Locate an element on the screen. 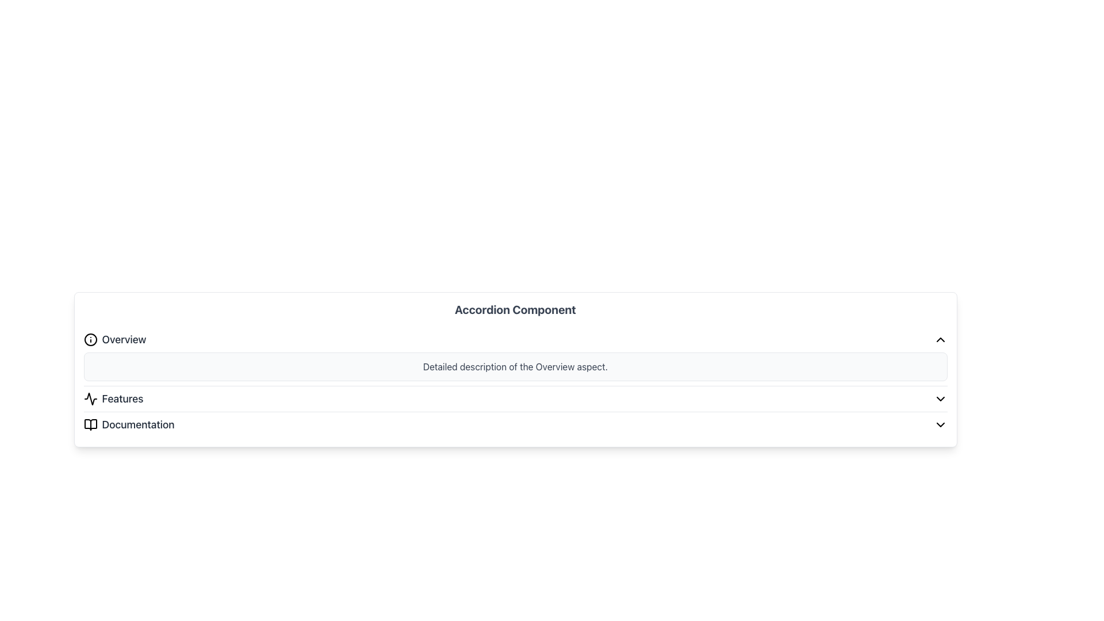 The width and height of the screenshot is (1104, 621). the Dropdown toggle icon, a small downward-pointing chevron outlined in black, located at the far right of the 'Features' row in the accordion menu is located at coordinates (940, 398).